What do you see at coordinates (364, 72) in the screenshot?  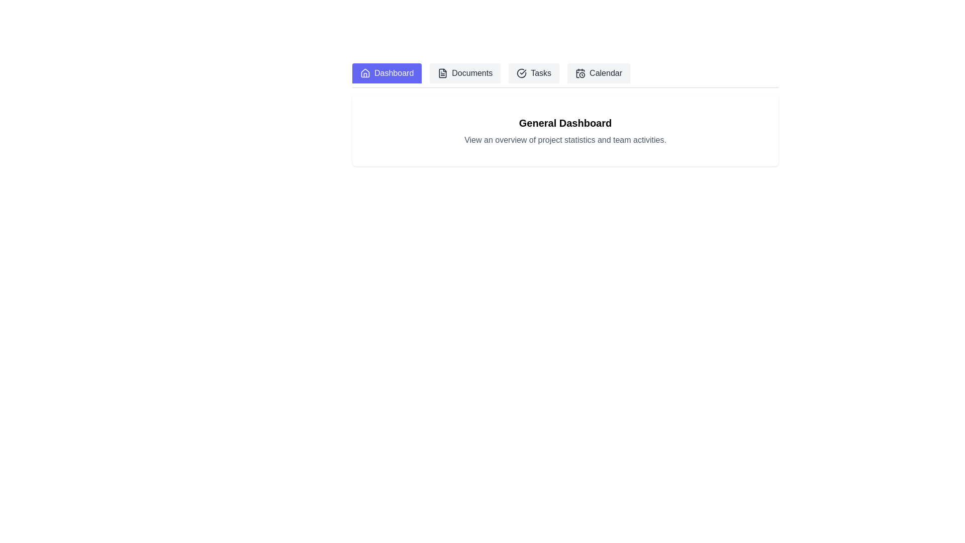 I see `the appearance of the house icon representing the 'Dashboard' tab in the top-left corner of the interface` at bounding box center [364, 72].